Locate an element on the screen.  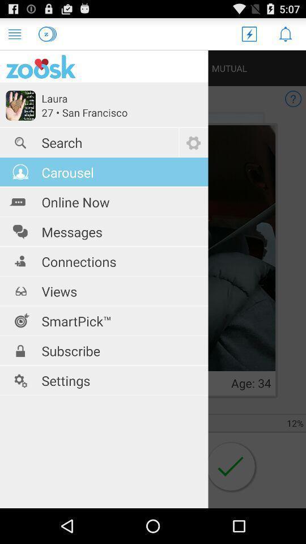
the help icon is located at coordinates (293, 105).